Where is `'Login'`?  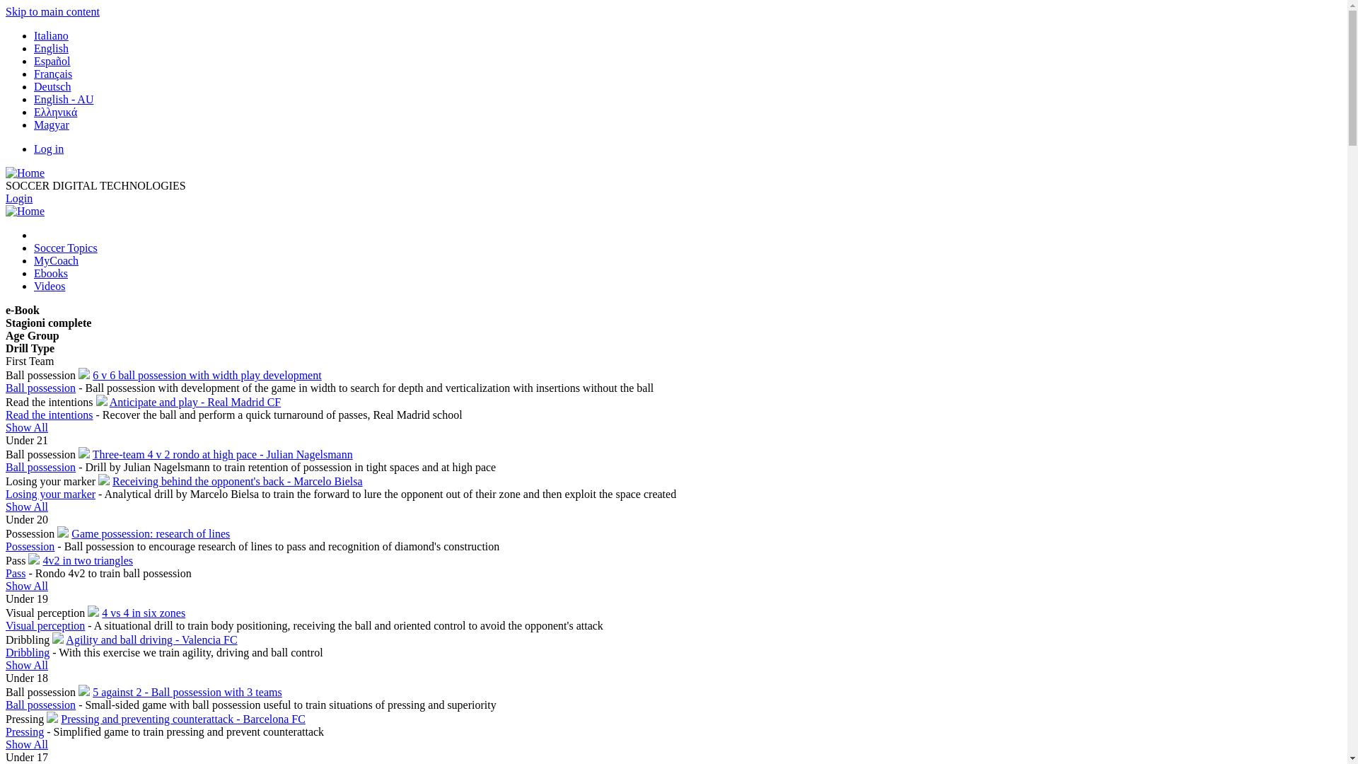 'Login' is located at coordinates (6, 198).